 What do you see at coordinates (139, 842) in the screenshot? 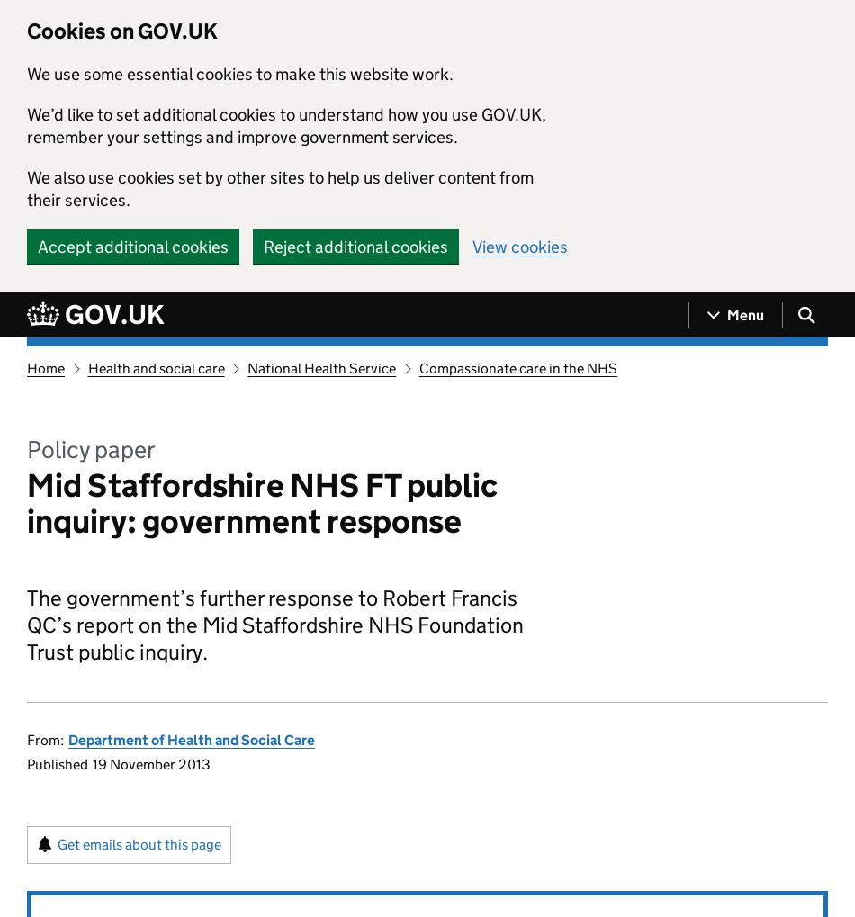
I see `'Get emails about this page'` at bounding box center [139, 842].